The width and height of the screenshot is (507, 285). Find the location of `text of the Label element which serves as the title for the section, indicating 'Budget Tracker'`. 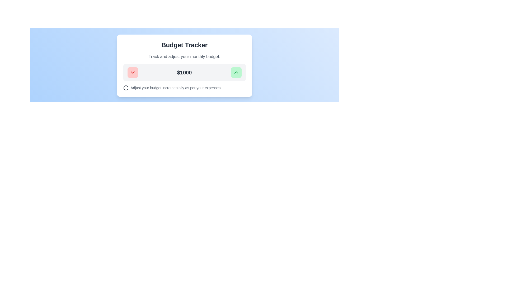

text of the Label element which serves as the title for the section, indicating 'Budget Tracker' is located at coordinates (184, 45).